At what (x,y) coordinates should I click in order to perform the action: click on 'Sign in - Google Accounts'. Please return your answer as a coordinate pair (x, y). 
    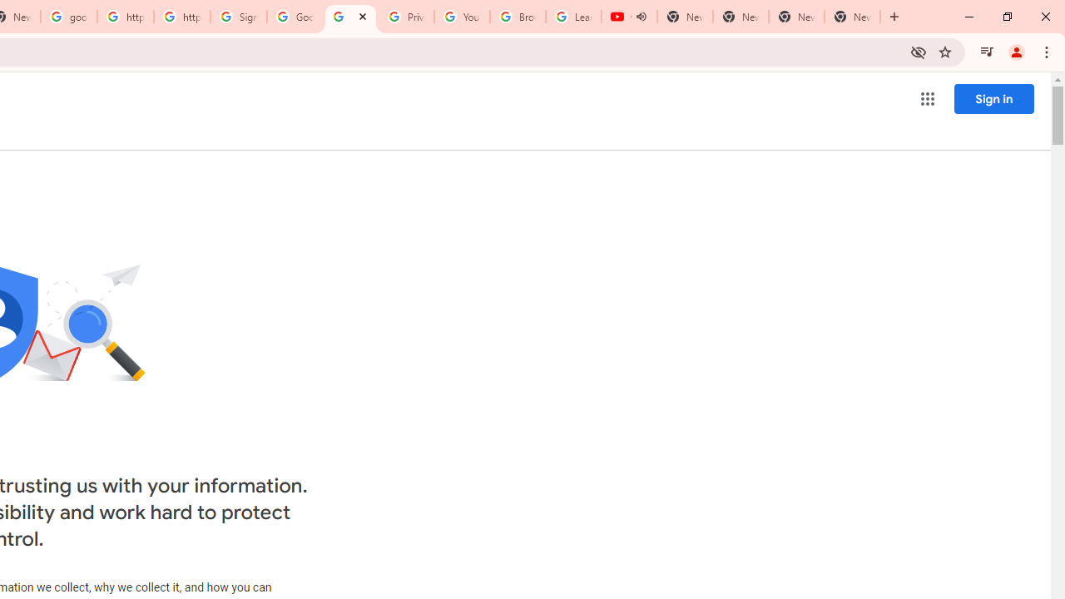
    Looking at the image, I should click on (238, 17).